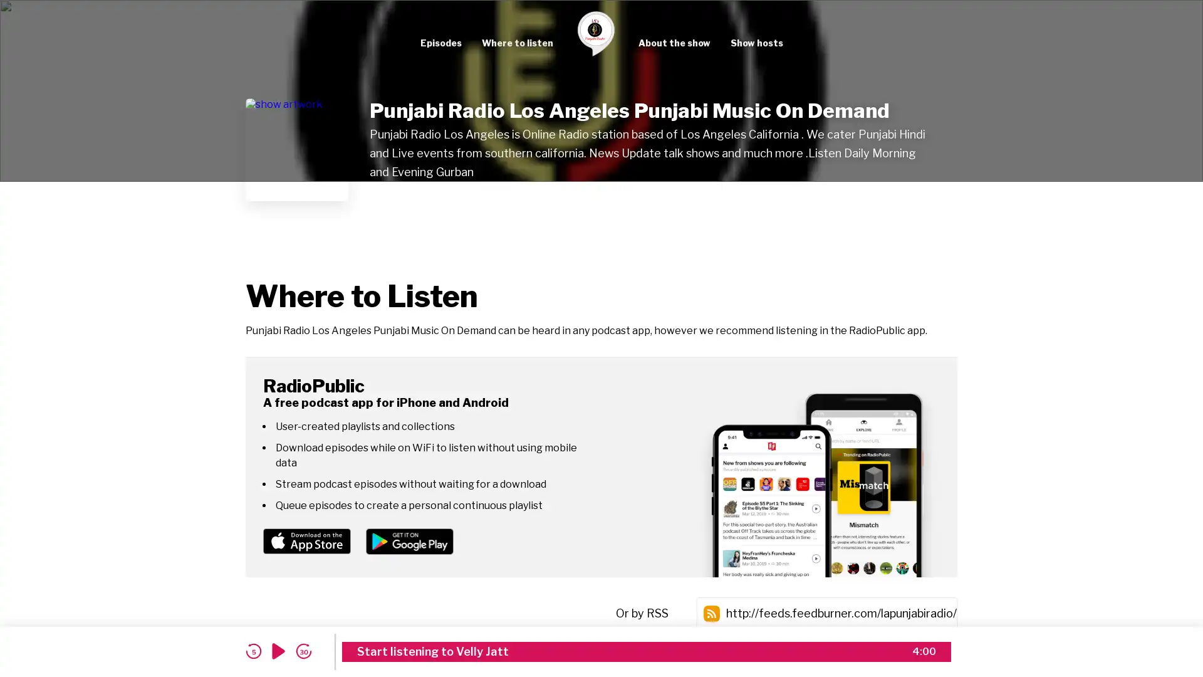 The image size is (1203, 677). I want to click on skip forward 30 seconds, so click(303, 651).